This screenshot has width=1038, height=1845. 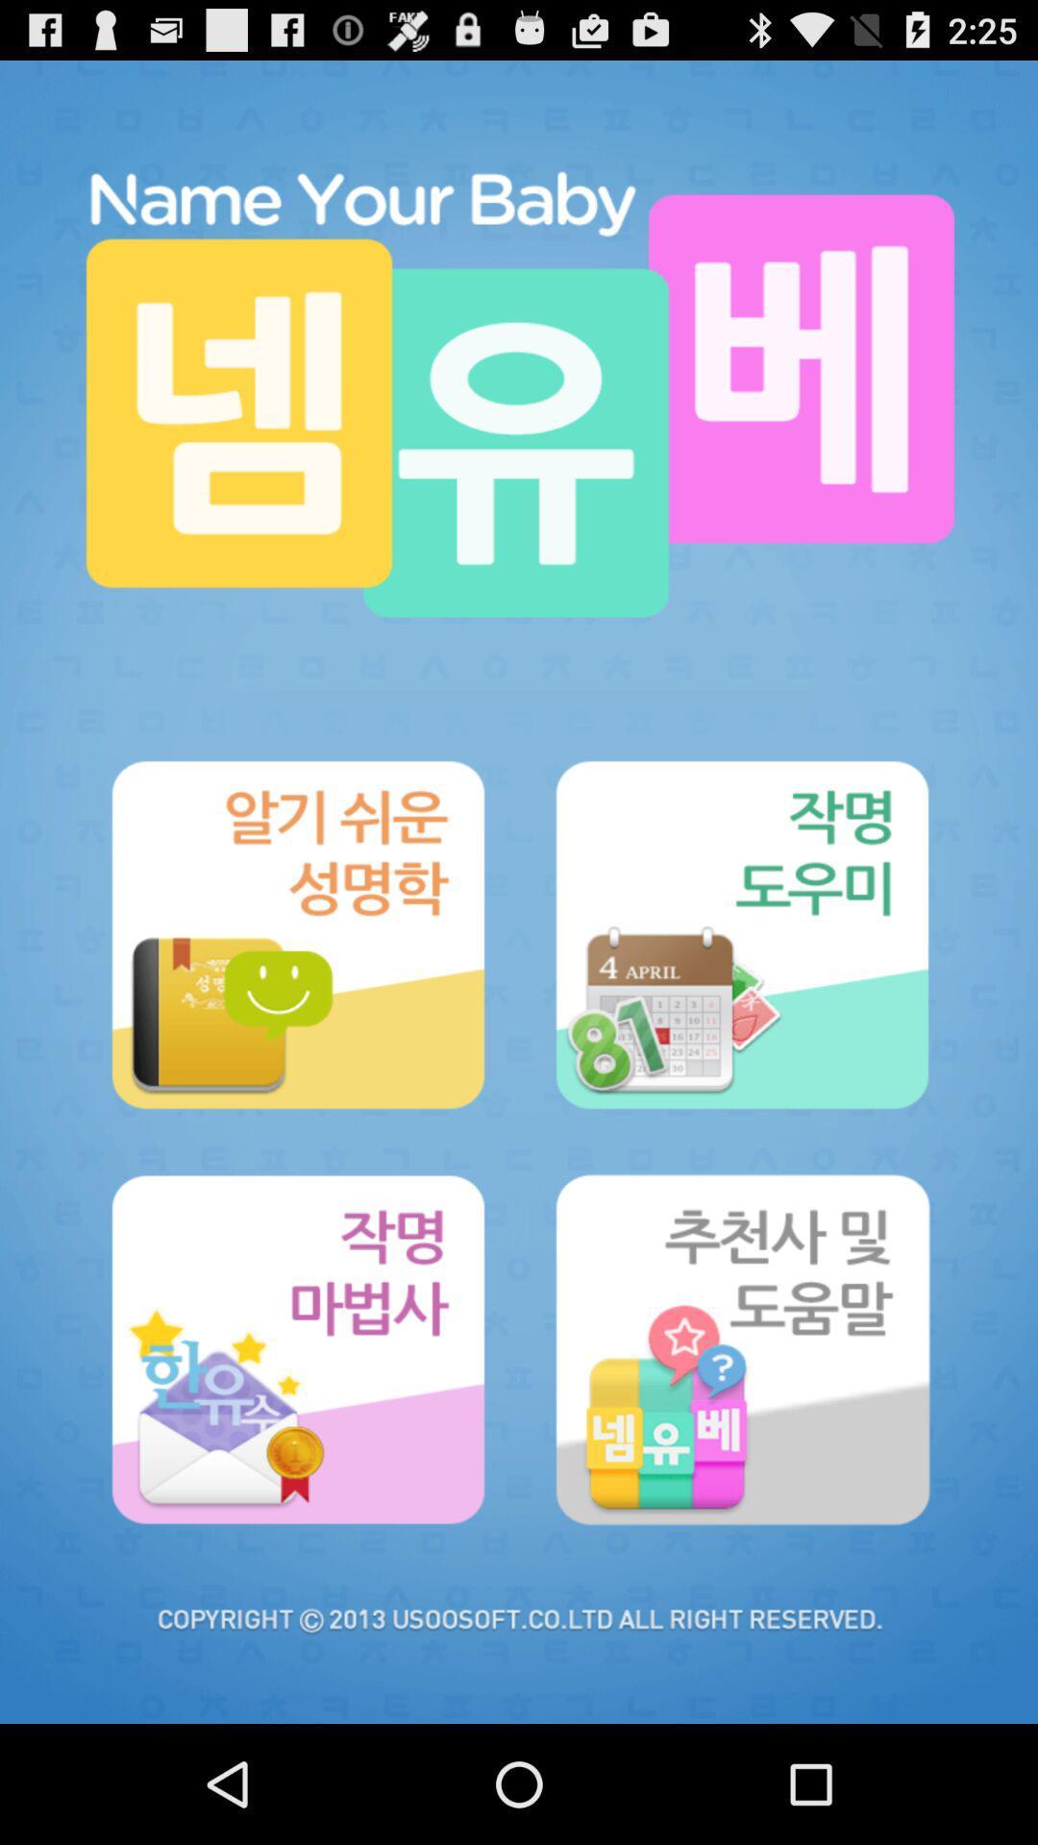 What do you see at coordinates (740, 935) in the screenshot?
I see `open calander` at bounding box center [740, 935].